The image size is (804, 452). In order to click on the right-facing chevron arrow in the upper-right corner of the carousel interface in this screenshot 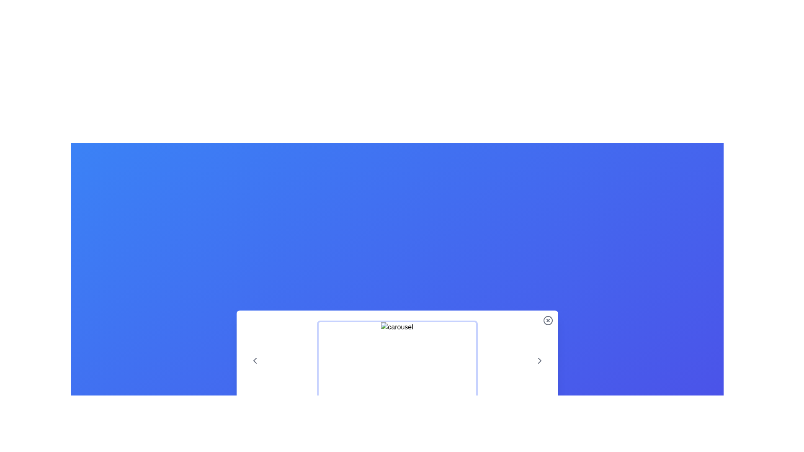, I will do `click(539, 360)`.